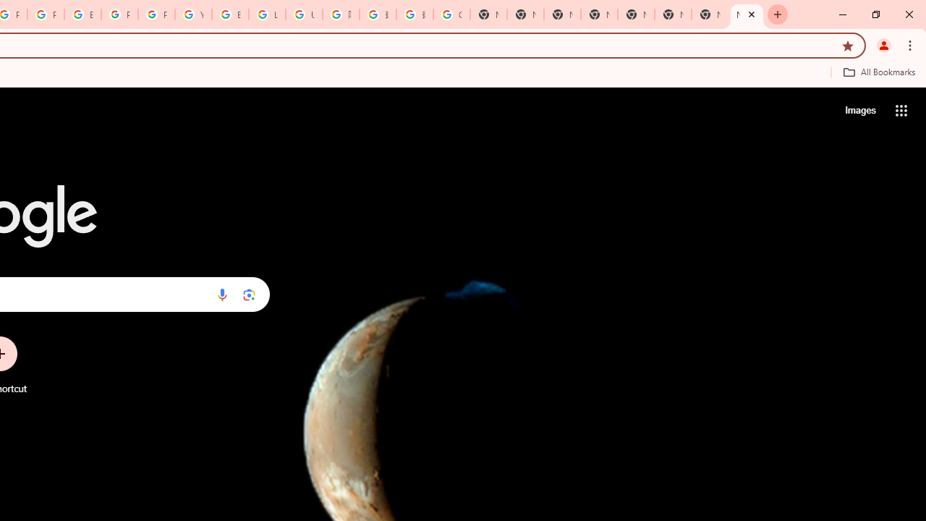 The width and height of the screenshot is (926, 521). I want to click on 'Google Images', so click(451, 14).